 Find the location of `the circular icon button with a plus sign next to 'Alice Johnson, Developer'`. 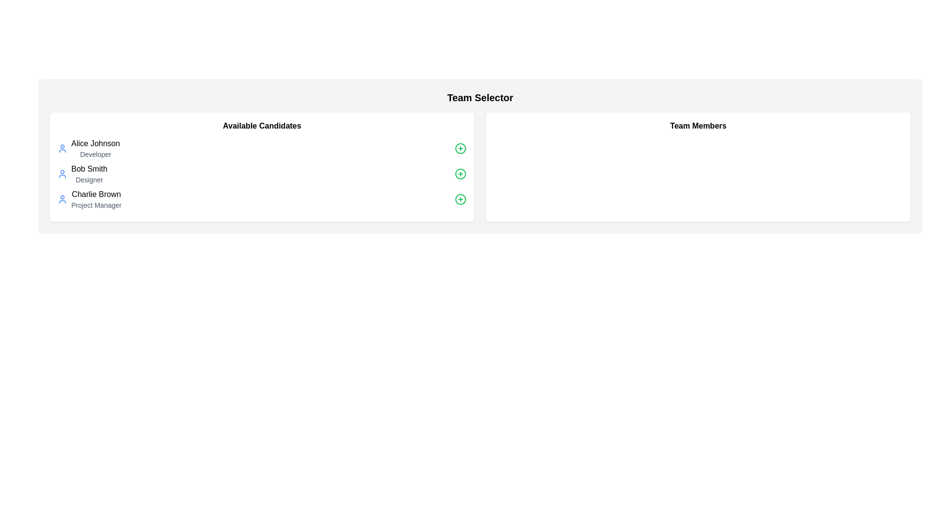

the circular icon button with a plus sign next to 'Alice Johnson, Developer' is located at coordinates (460, 149).